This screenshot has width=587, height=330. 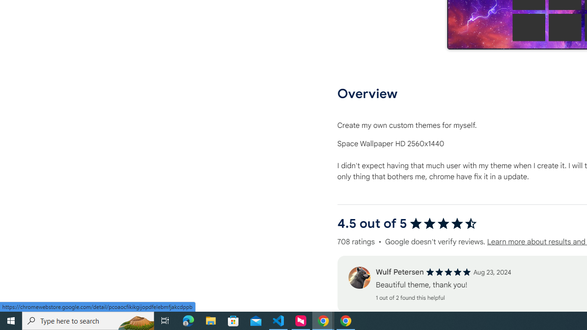 What do you see at coordinates (449, 272) in the screenshot?
I see `'5 out of 5 stars'` at bounding box center [449, 272].